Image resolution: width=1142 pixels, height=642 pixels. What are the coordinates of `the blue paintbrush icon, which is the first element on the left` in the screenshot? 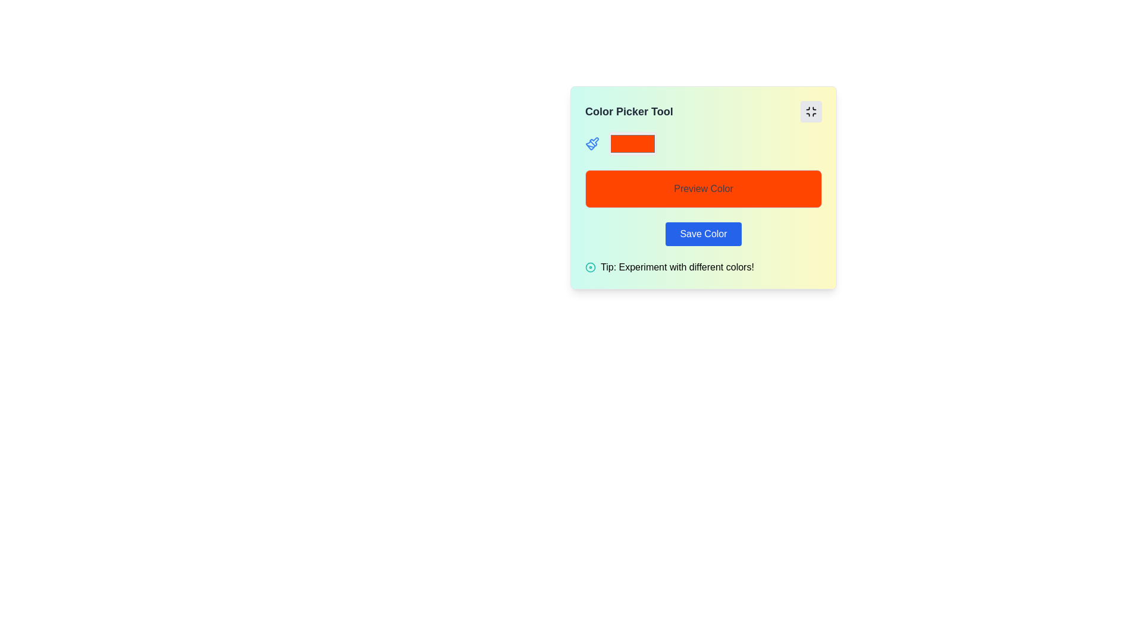 It's located at (592, 143).